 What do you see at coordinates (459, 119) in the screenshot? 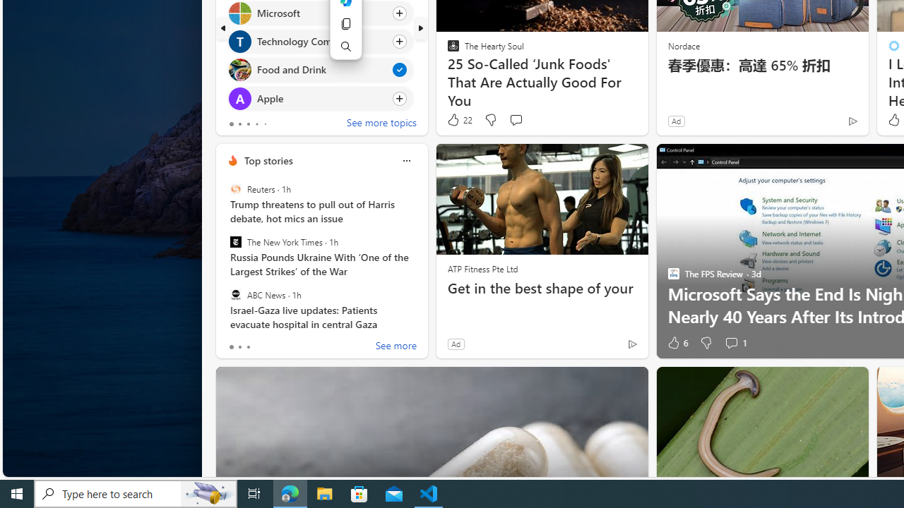
I see `'22 Like'` at bounding box center [459, 119].